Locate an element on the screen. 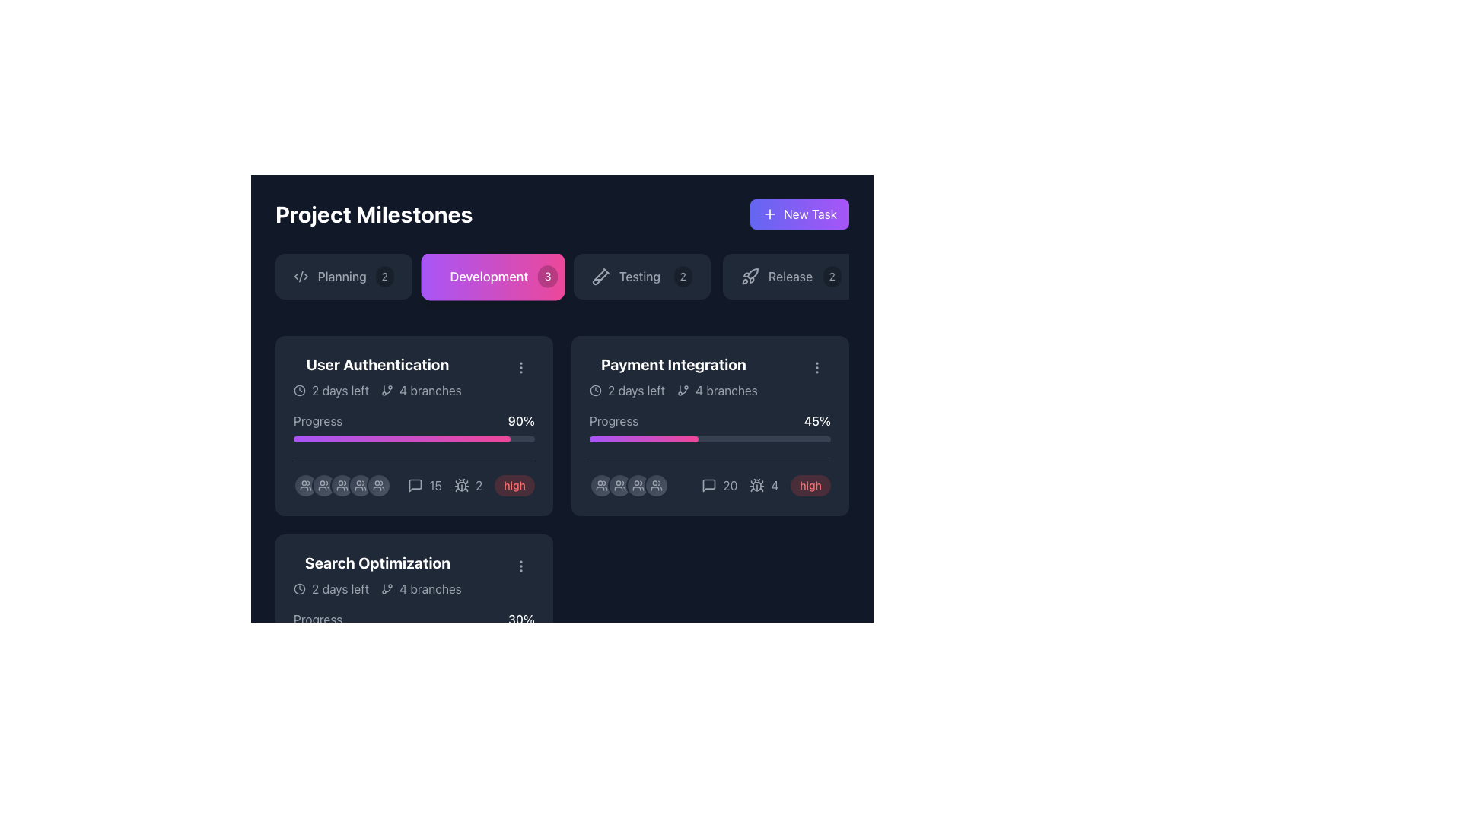  the circular Avatar/Representative Icon, which is the second avatar from the left in a horizontal row located at the bottom of the 'Payment Integration' card is located at coordinates (620, 486).